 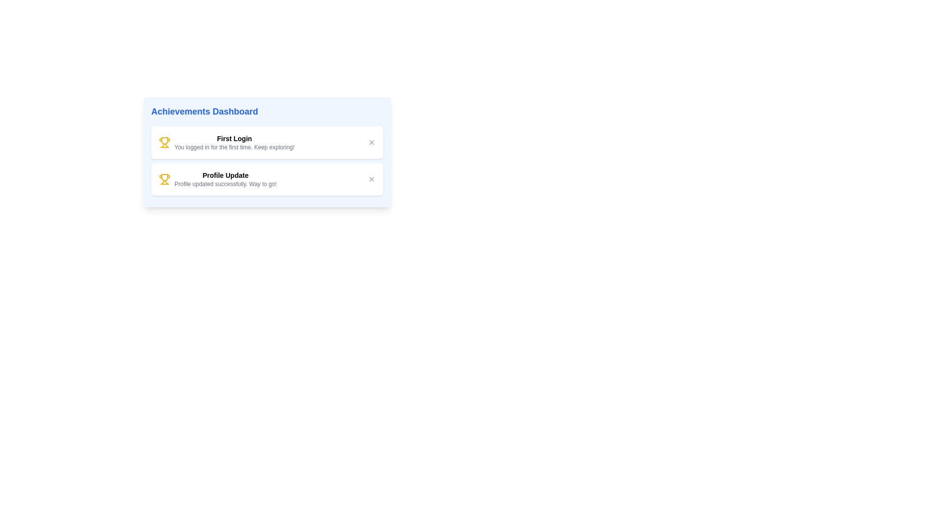 I want to click on the Notification card in the Achievements Dashboard section, which features a gold trophy icon and the text 'First Login.', so click(x=267, y=142).